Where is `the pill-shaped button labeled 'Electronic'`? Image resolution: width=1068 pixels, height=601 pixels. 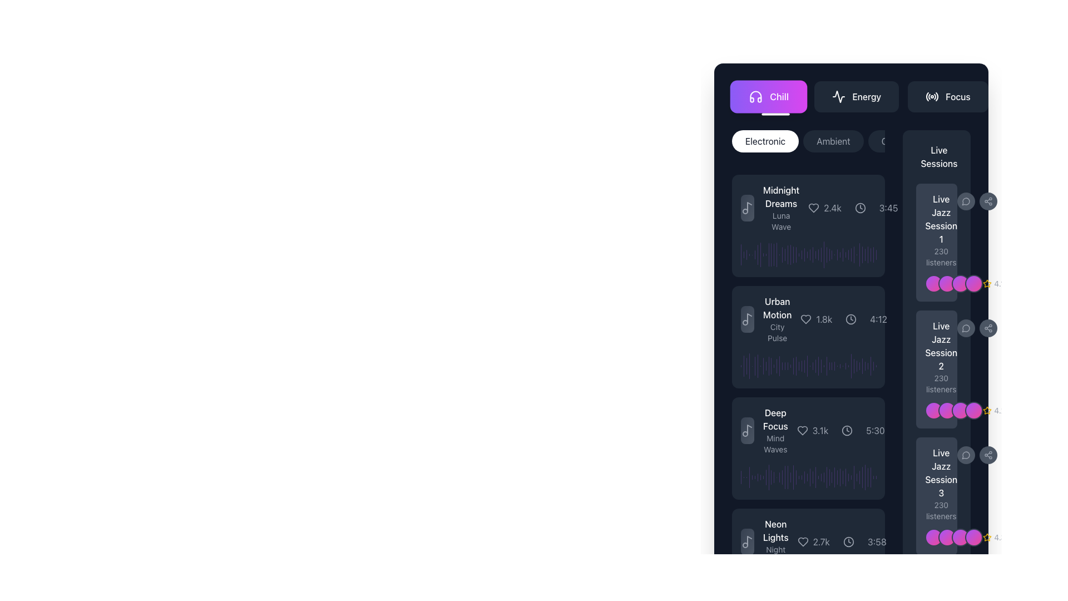
the pill-shaped button labeled 'Electronic' is located at coordinates (765, 141).